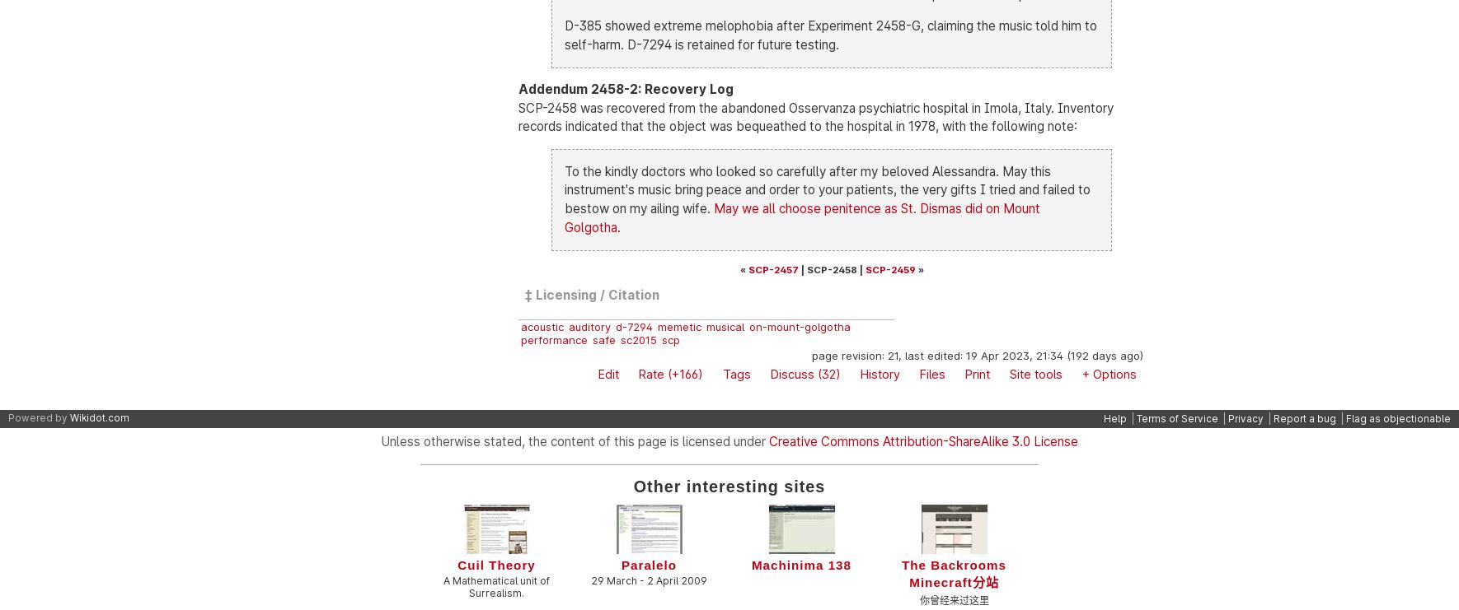 The width and height of the screenshot is (1459, 610). Describe the element at coordinates (590, 293) in the screenshot. I see `'‡ Licensing / Citation'` at that location.